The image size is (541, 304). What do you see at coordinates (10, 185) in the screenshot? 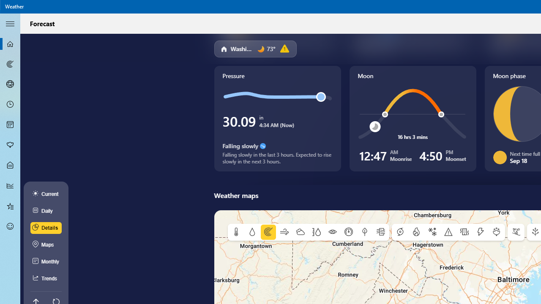
I see `'Historical Weather - Not Selected'` at bounding box center [10, 185].